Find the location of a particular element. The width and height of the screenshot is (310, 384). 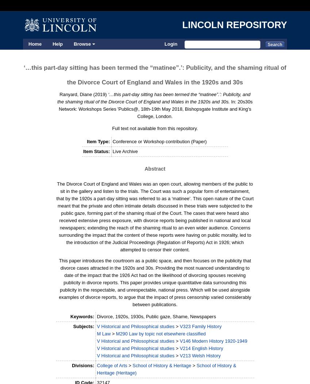

'School of History & Heritage' is located at coordinates (161, 365).